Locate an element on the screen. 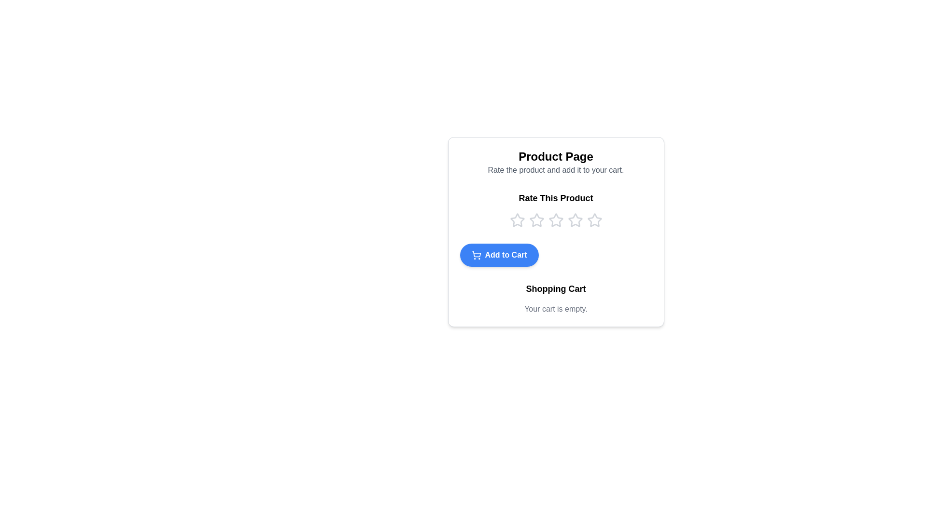 This screenshot has width=927, height=521. the prominent button that allows users to add the currently viewed product to their shopping cart, located centrally below the rating stars and above the Shopping Cart section is located at coordinates (499, 254).